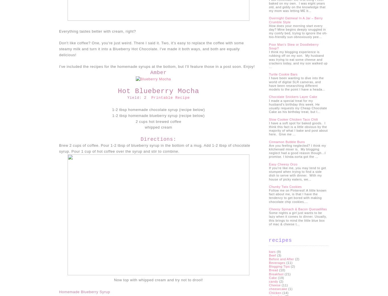 The width and height of the screenshot is (388, 296). Describe the element at coordinates (269, 173) in the screenshot. I see `'If you’re like me, you may tend to get stumped when trying to find a side dish to serve with dinner.  With my house of picky eaters, we...'` at that location.